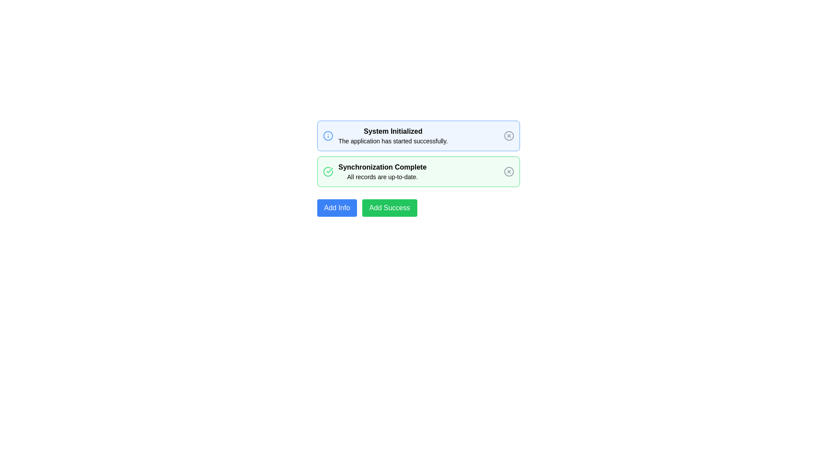  Describe the element at coordinates (392, 136) in the screenshot. I see `message displayed in the text block that states 'System Initialized' and 'The application has started successfully', located within a light blue rectangular area in the upper half of the application interface` at that location.